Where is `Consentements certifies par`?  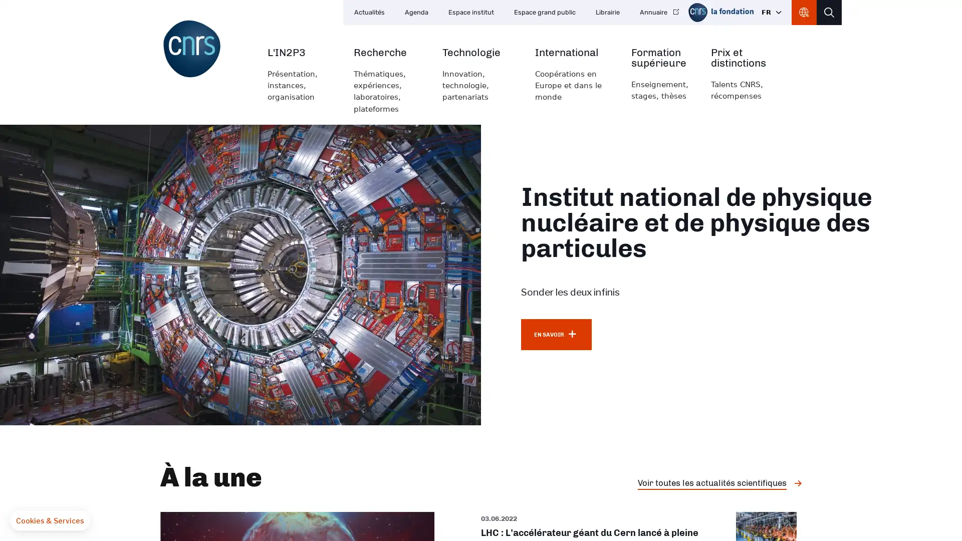 Consentements certifies par is located at coordinates (115, 473).